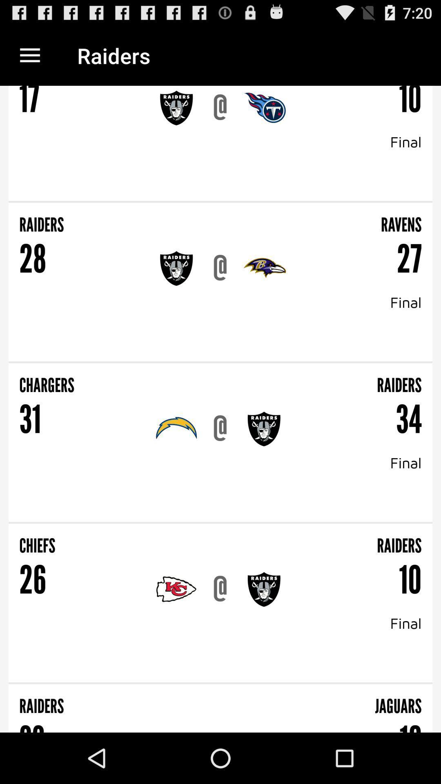 The width and height of the screenshot is (441, 784). Describe the element at coordinates (321, 219) in the screenshot. I see `the ravens item` at that location.